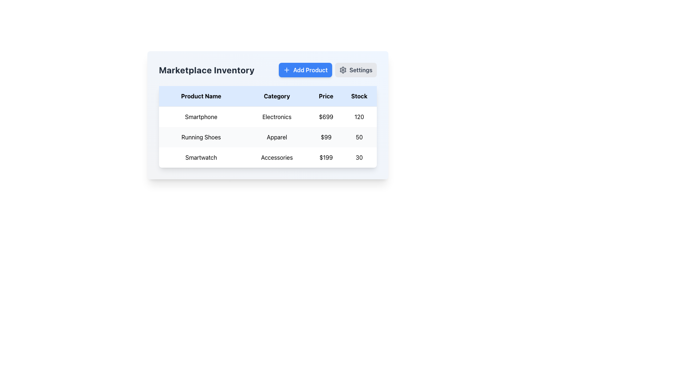  Describe the element at coordinates (286, 70) in the screenshot. I see `the blue button located in the top-right section of the page, which has the 'Add Product' text label and an icon to its left` at that location.